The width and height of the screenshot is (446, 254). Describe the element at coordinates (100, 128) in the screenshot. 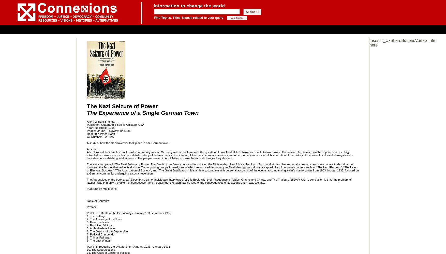

I see `'Year Published:  1965'` at that location.